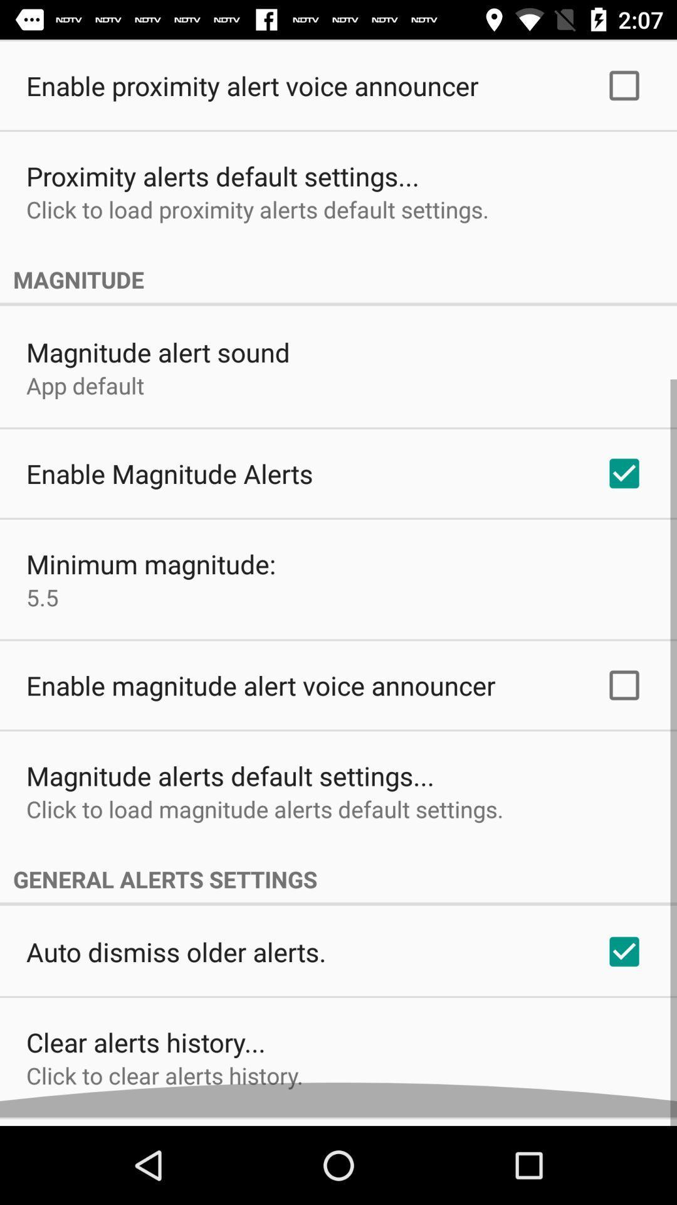 This screenshot has height=1205, width=677. Describe the element at coordinates (85, 393) in the screenshot. I see `the icon above the enable magnitude alerts app` at that location.